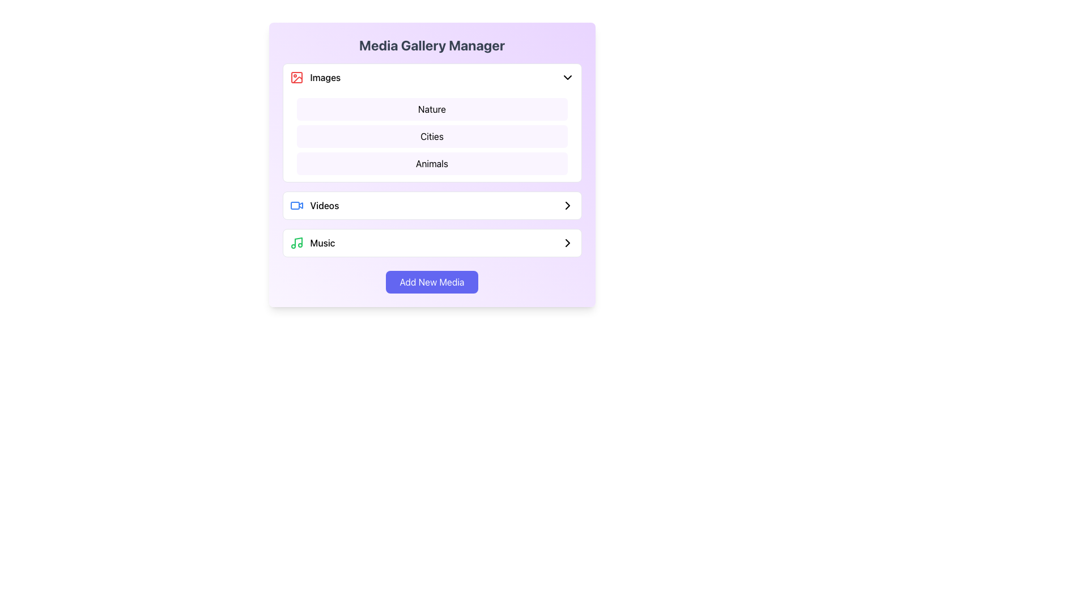  Describe the element at coordinates (315, 77) in the screenshot. I see `to select the 'Images' category label with an icon, which is the first selectable option for managing or viewing images in the gallery` at that location.